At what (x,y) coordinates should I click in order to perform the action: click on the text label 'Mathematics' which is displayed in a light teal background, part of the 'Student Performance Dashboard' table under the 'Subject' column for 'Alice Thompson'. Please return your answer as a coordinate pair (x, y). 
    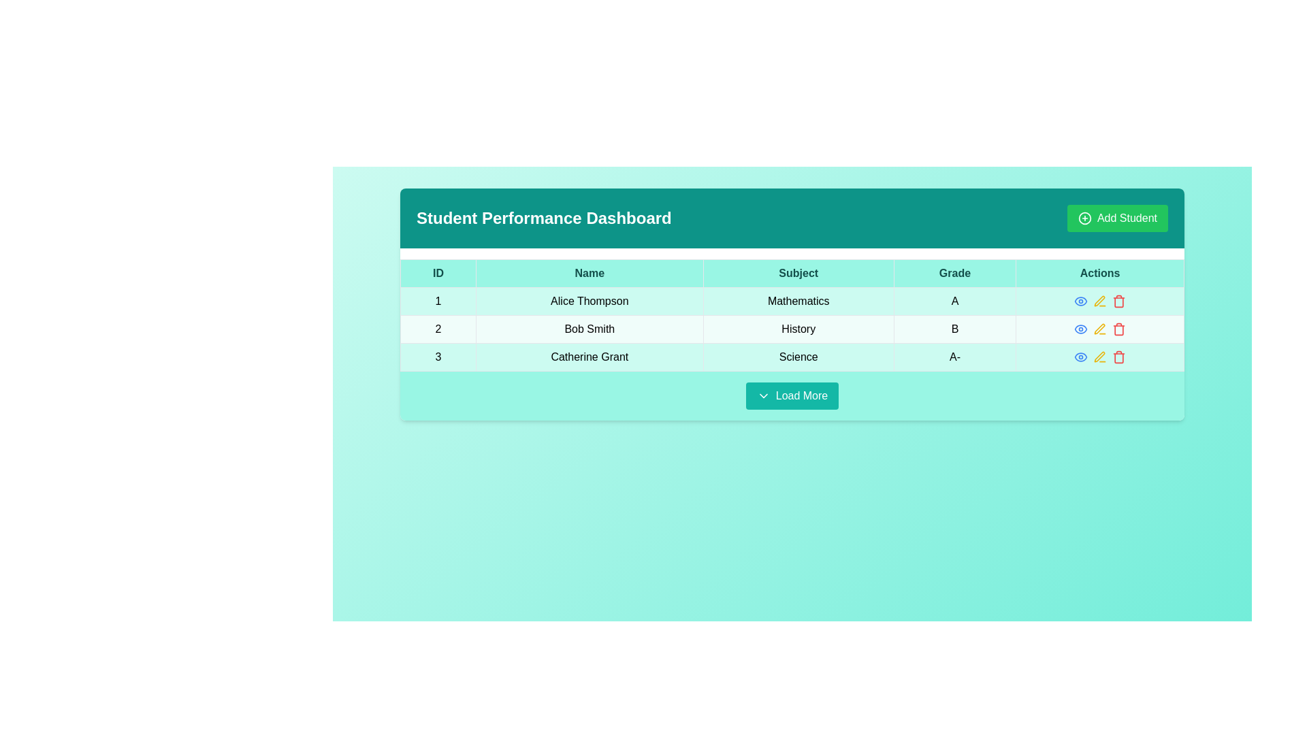
    Looking at the image, I should click on (798, 301).